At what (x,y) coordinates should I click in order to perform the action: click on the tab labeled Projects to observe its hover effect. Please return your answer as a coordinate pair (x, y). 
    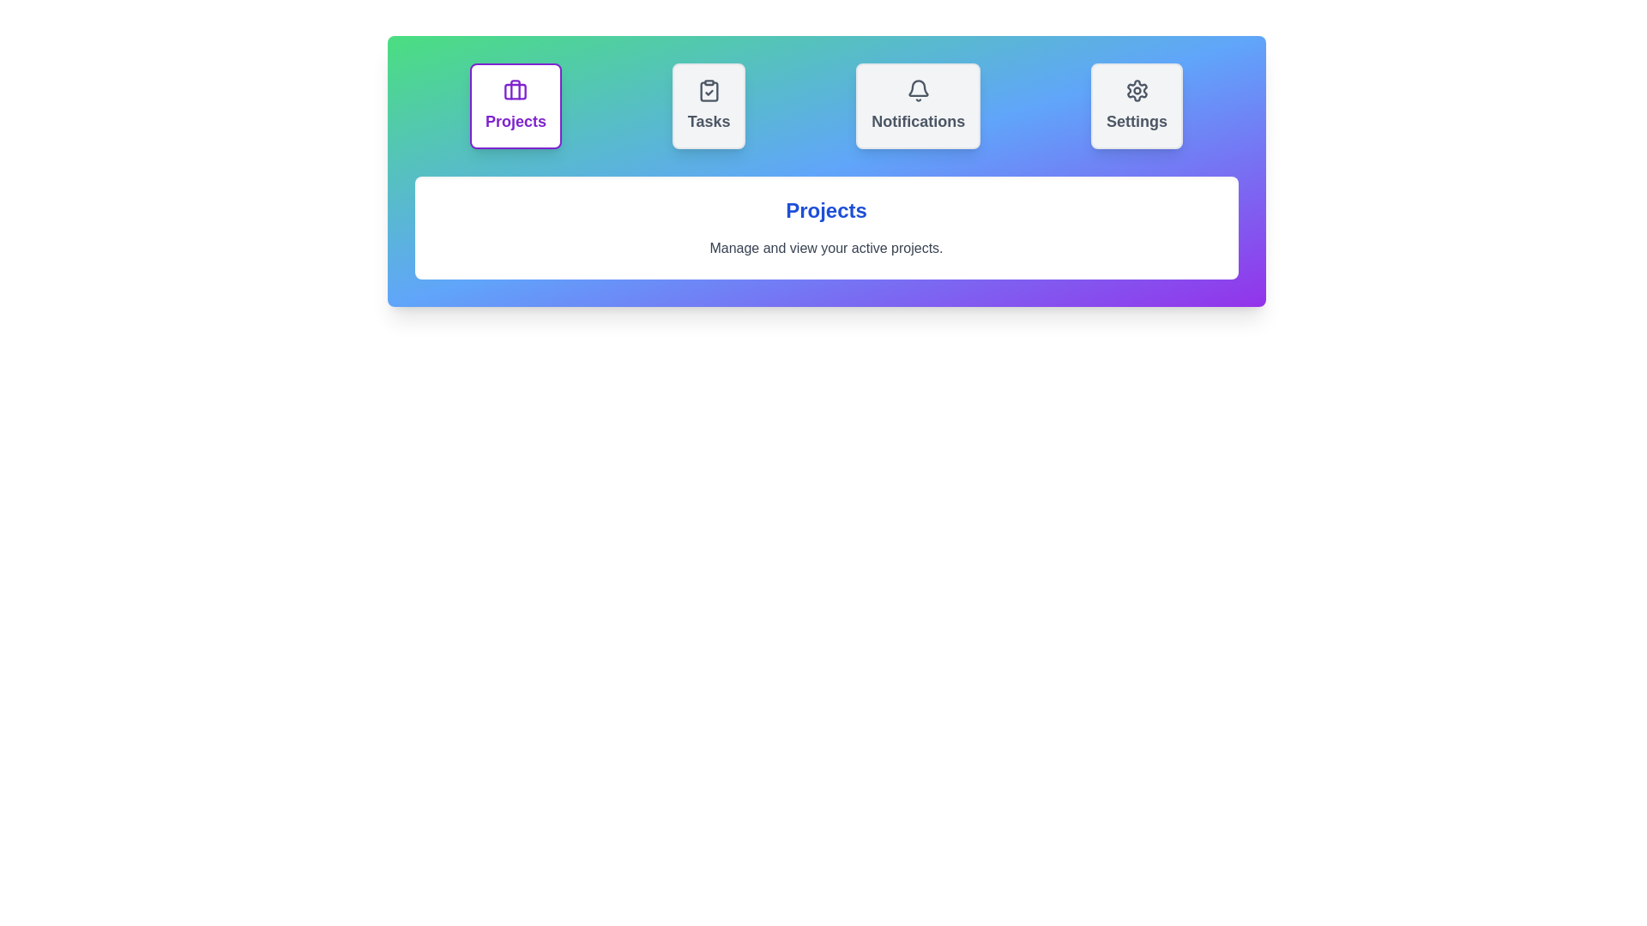
    Looking at the image, I should click on (514, 105).